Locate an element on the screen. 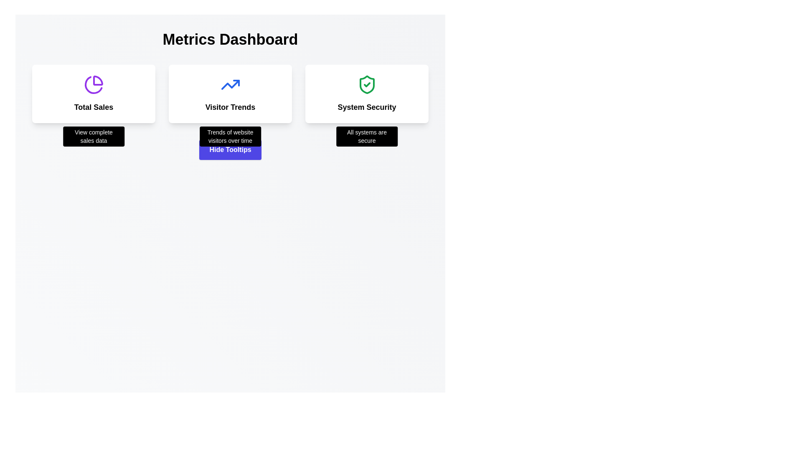 This screenshot has width=802, height=451. the blue SVG icon representing an ascending trend line with an upward arrow, located at the top center of the 'Visitor Trends' card is located at coordinates (230, 85).